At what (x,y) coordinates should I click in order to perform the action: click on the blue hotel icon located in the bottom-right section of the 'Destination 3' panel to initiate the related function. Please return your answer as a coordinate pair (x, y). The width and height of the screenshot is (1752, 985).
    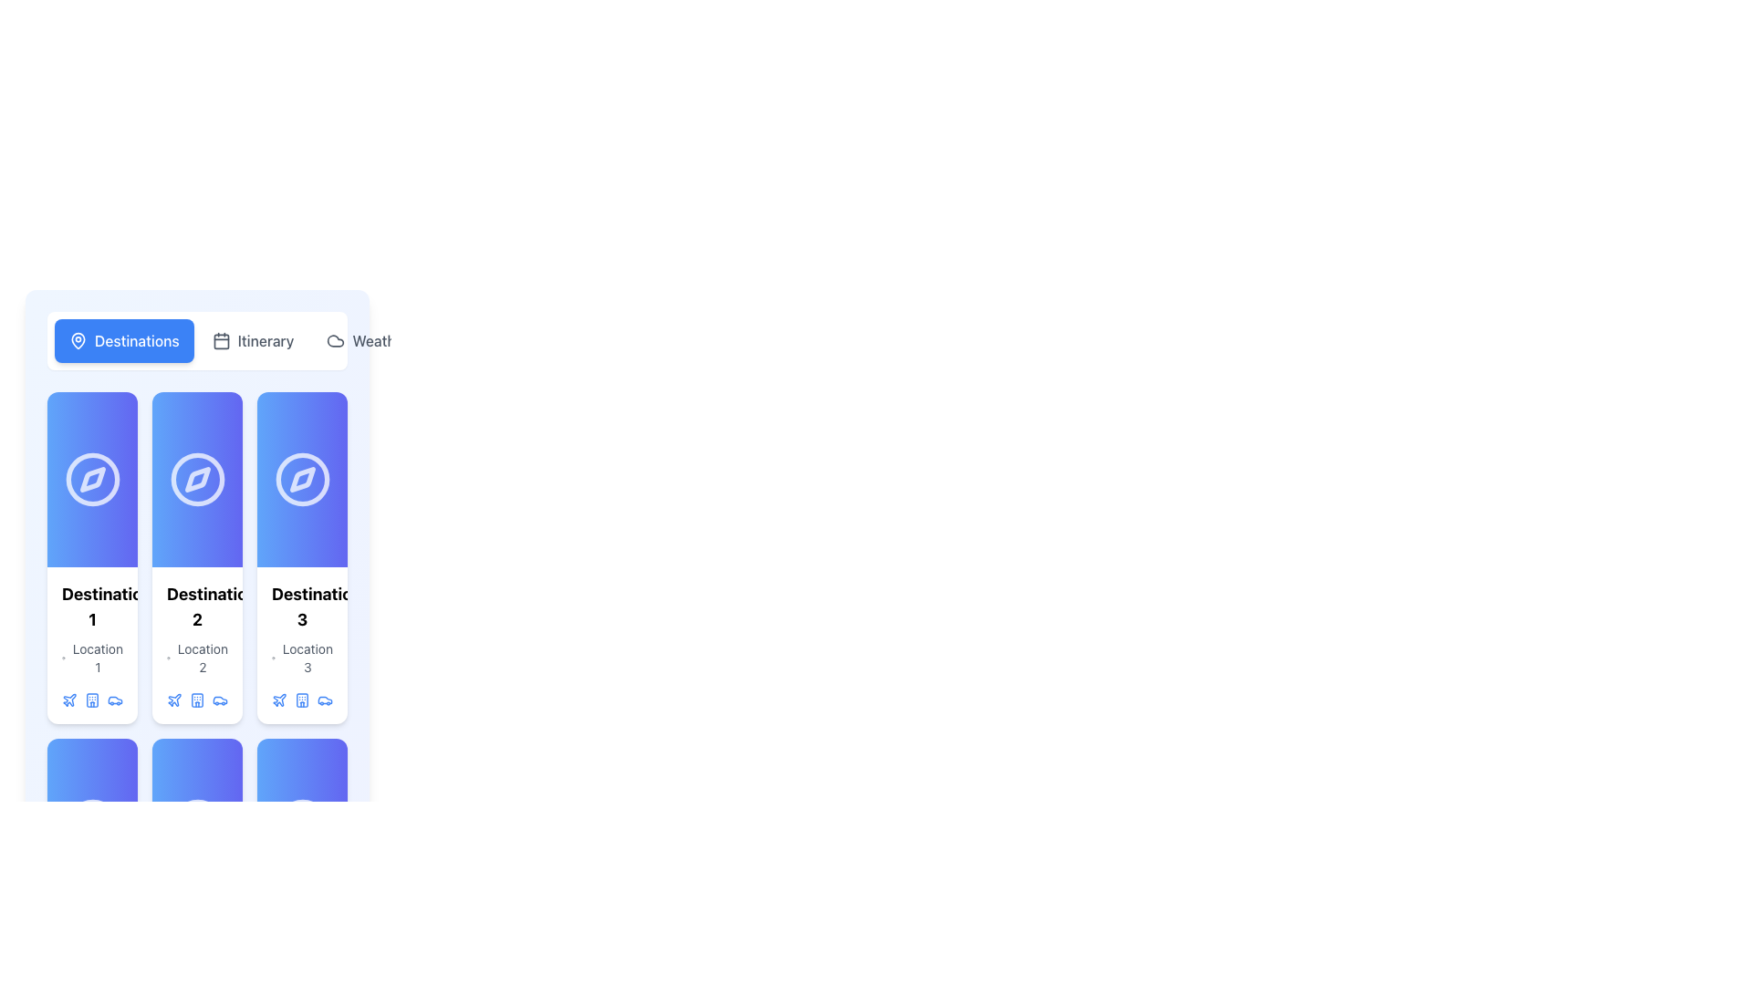
    Looking at the image, I should click on (302, 699).